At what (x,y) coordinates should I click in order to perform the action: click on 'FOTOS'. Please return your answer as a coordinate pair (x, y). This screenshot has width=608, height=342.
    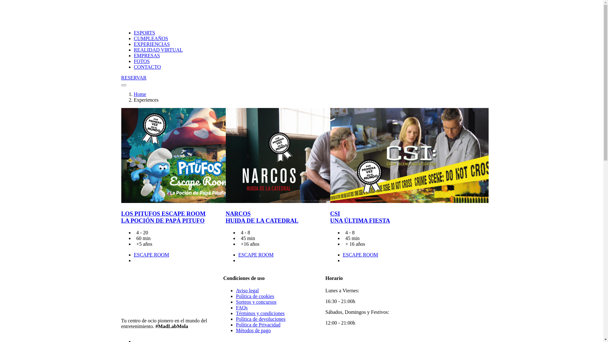
    Looking at the image, I should click on (133, 61).